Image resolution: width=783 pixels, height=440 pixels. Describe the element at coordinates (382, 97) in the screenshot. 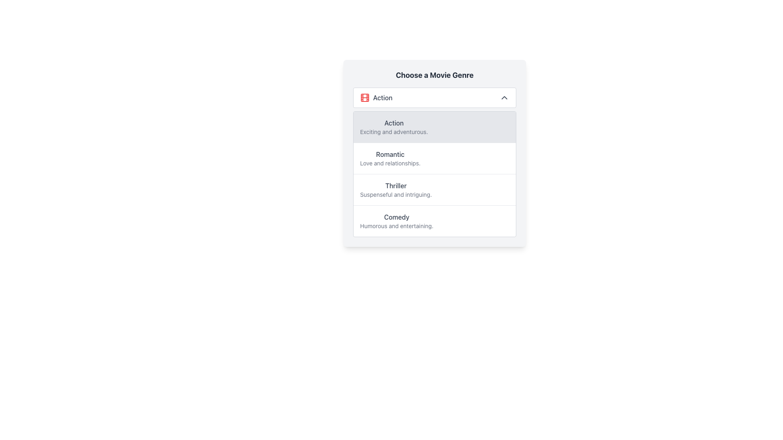

I see `the text label displaying the word 'Action' in gray color, located in the upper-left area of a dropdown interface` at that location.